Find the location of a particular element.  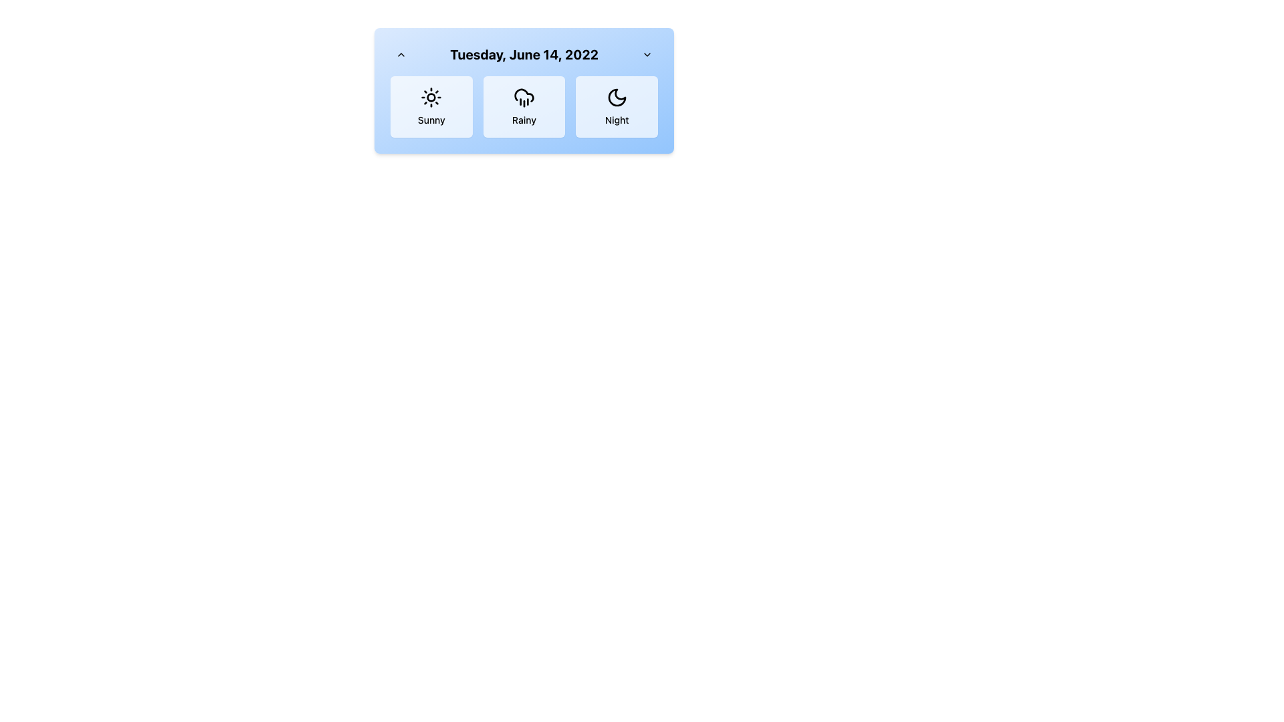

the cloud icon with rain, located under the 'Rainy' label is located at coordinates (523, 94).